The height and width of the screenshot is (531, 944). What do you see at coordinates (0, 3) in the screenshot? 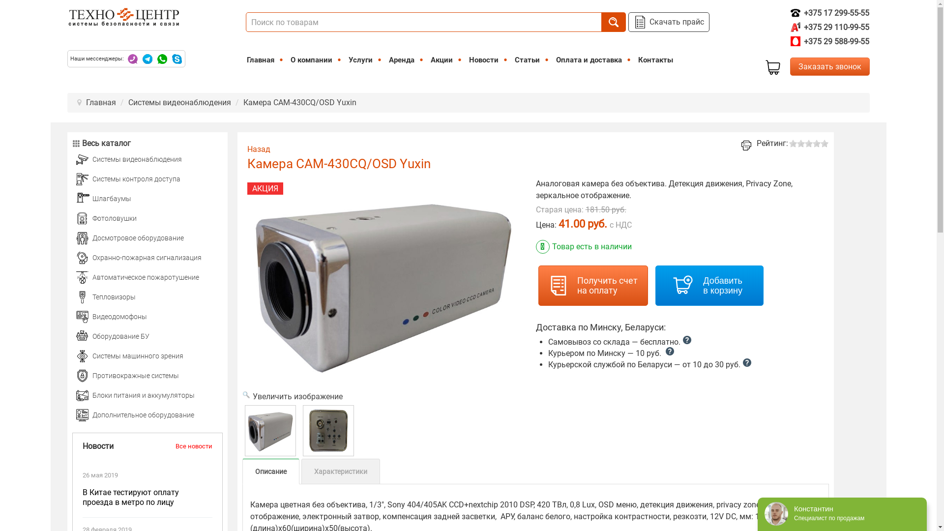
I see `'on'` at bounding box center [0, 3].